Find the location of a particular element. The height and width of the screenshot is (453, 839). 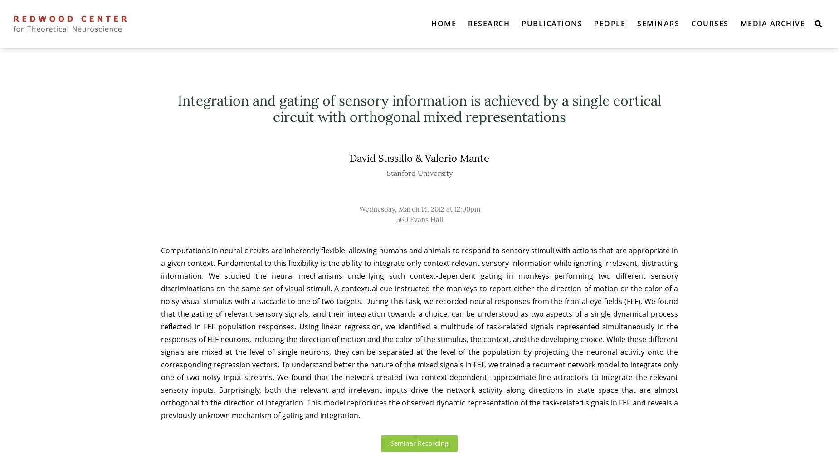

'Wednesday, March 14, 2012  at  12:00pm' is located at coordinates (359, 208).